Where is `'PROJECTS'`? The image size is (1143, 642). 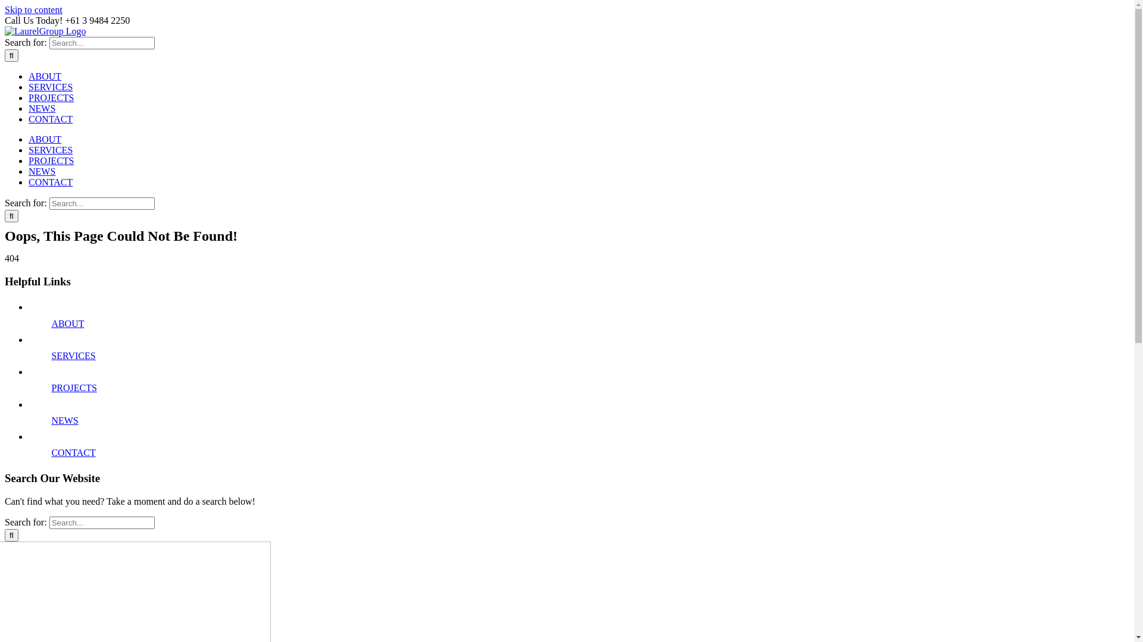
'PROJECTS' is located at coordinates (51, 388).